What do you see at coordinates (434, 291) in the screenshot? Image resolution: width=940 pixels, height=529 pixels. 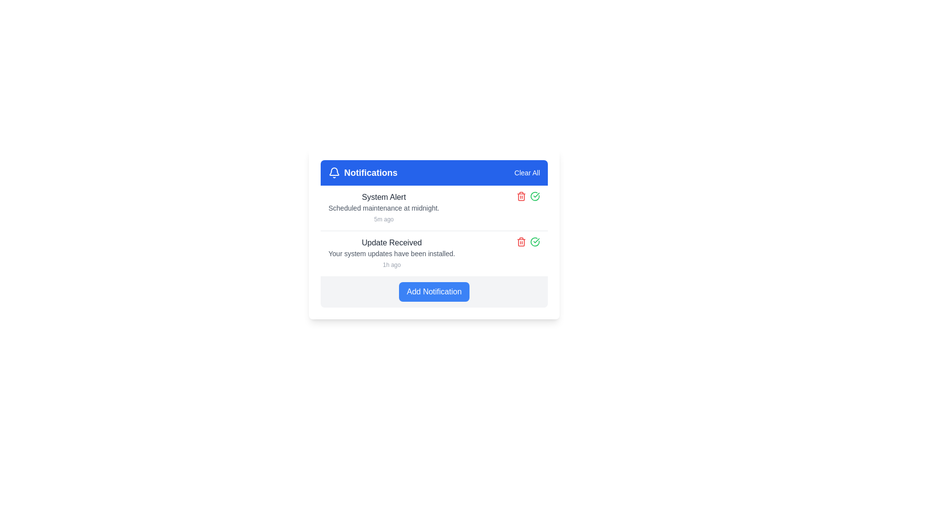 I see `the button located at the bottom section of the notification card` at bounding box center [434, 291].